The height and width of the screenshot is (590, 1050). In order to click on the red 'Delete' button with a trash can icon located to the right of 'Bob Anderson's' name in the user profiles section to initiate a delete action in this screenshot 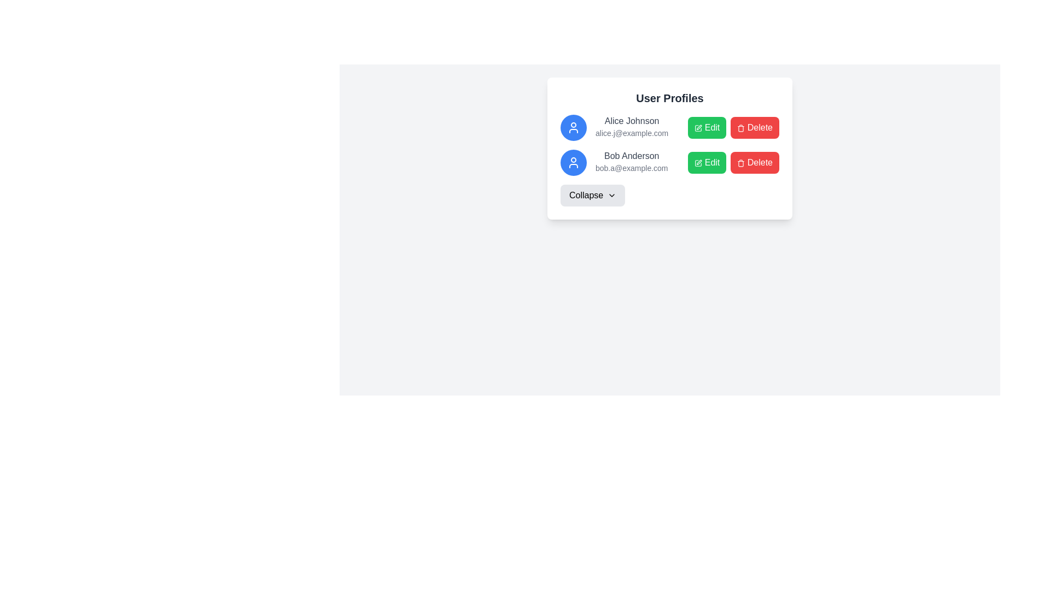, I will do `click(754, 162)`.